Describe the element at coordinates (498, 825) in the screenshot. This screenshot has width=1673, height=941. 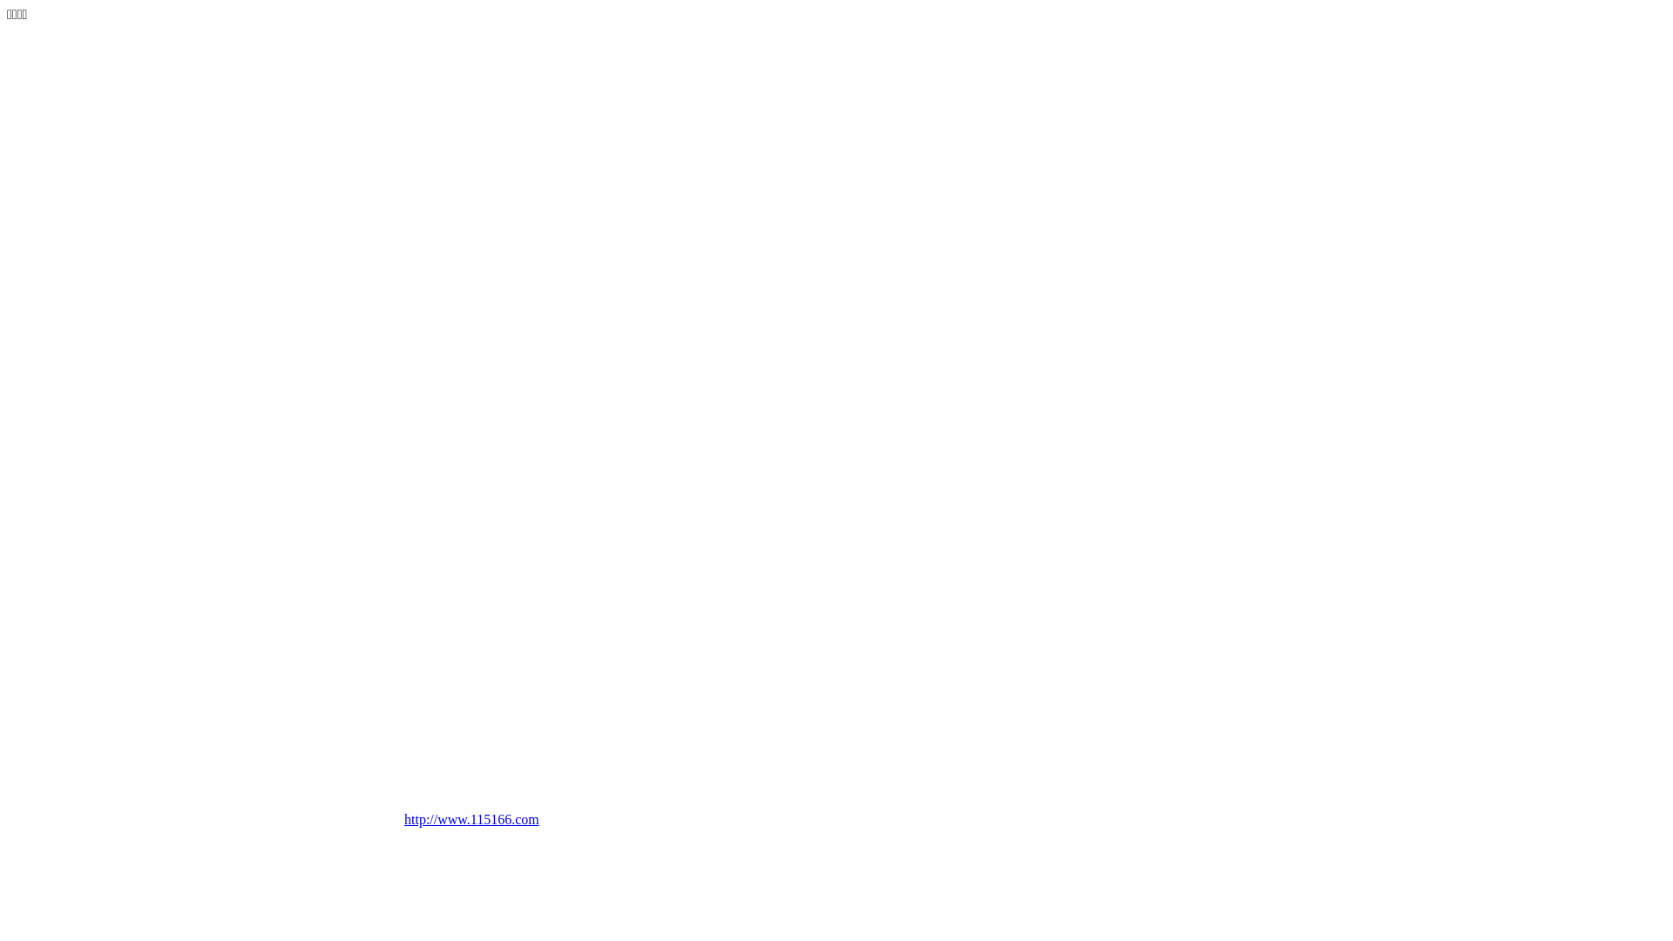
I see `'http://www.115166.com'` at that location.